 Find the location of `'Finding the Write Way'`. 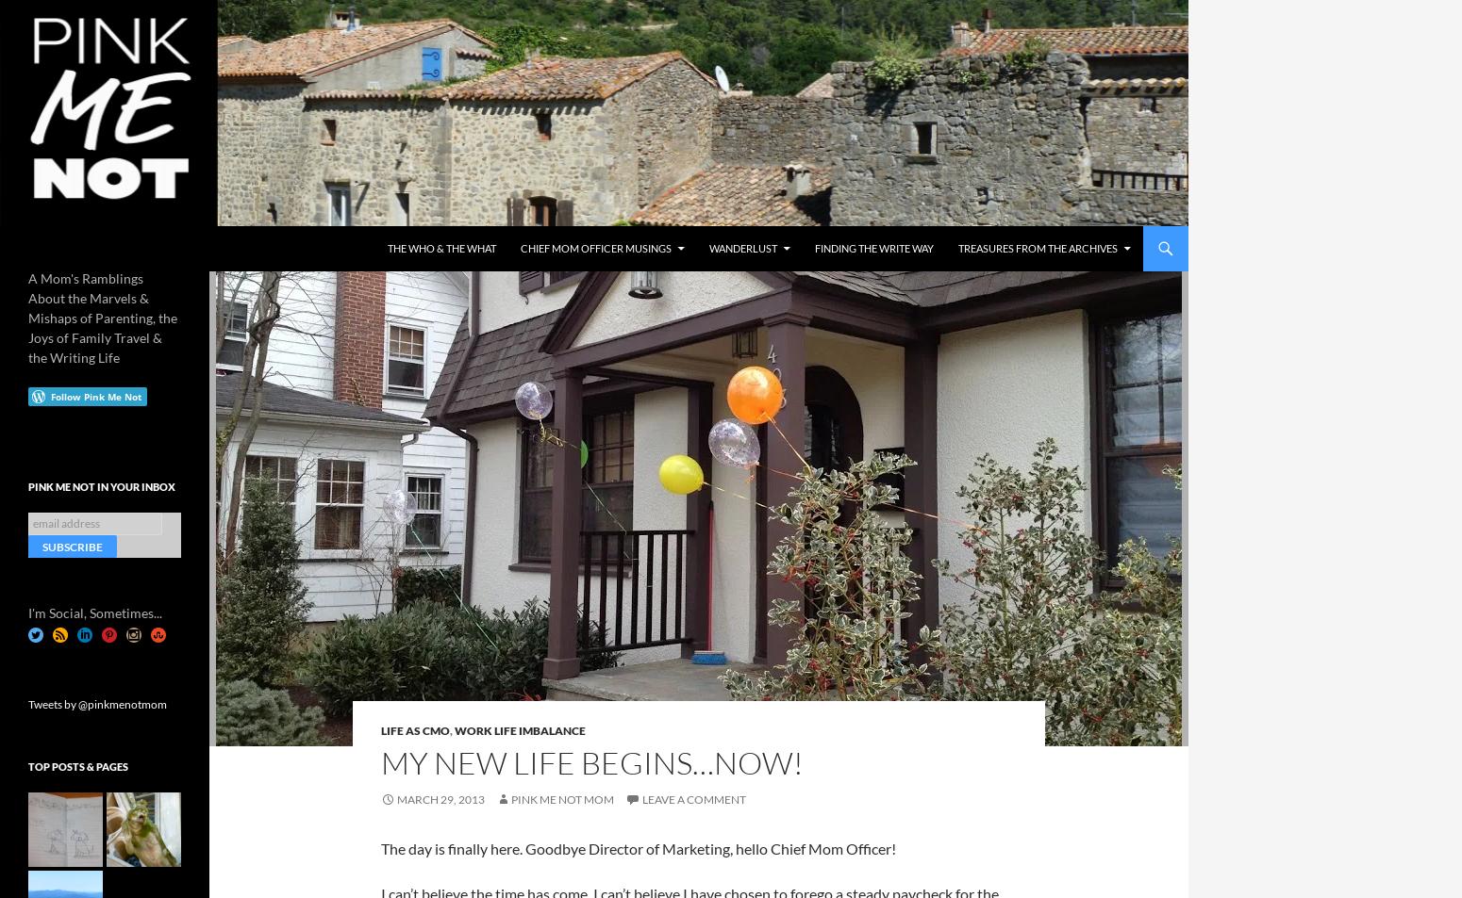

'Finding the Write Way' is located at coordinates (874, 247).